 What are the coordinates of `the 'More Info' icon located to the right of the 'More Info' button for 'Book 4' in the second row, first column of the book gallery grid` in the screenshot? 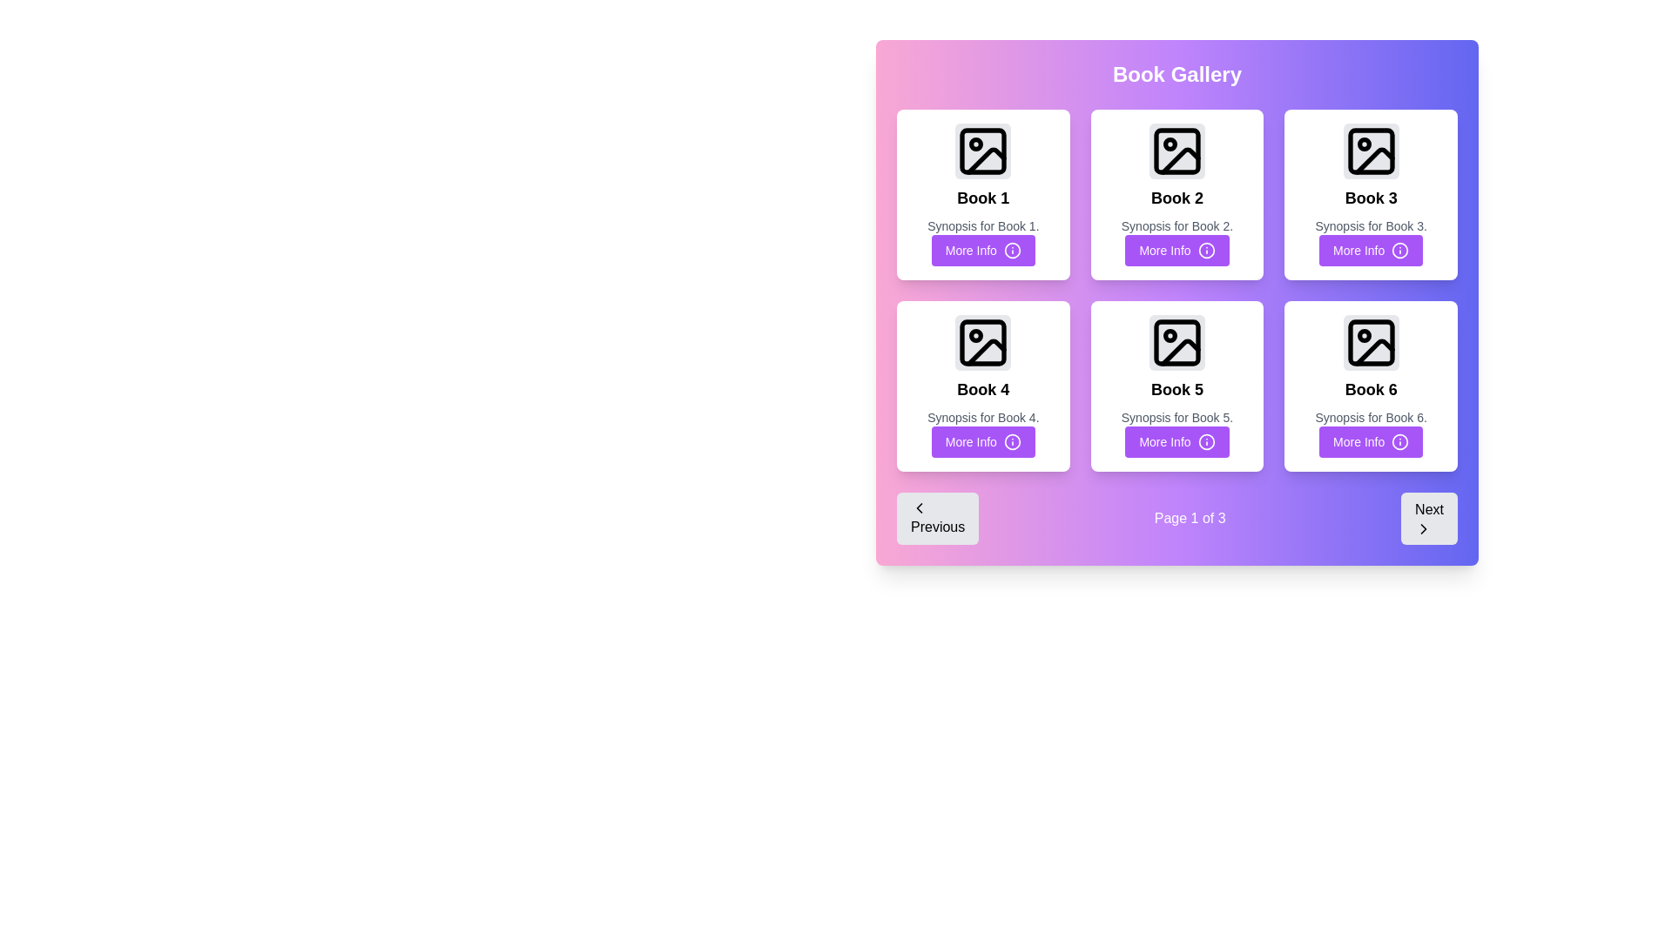 It's located at (1012, 441).